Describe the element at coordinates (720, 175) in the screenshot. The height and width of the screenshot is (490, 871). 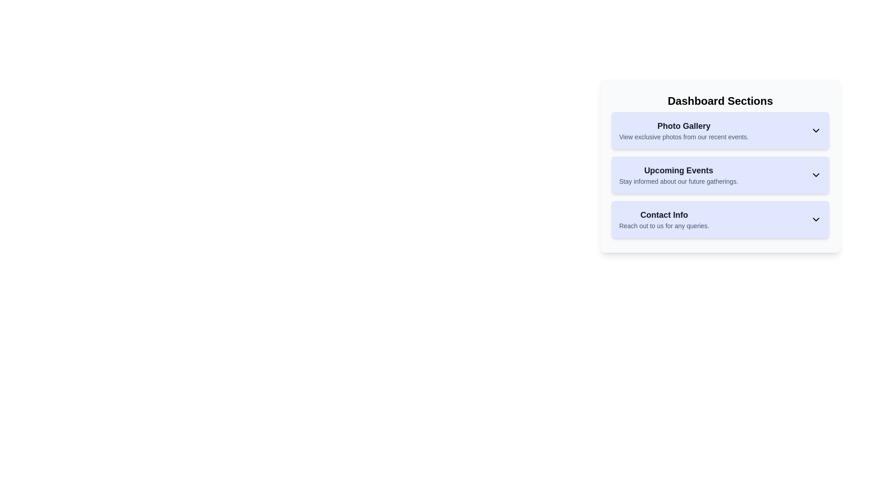
I see `the 'Upcoming Events' button which has a light indigo background, bold text for 'Upcoming Events', and a downward facing chevron icon, to interact with it` at that location.